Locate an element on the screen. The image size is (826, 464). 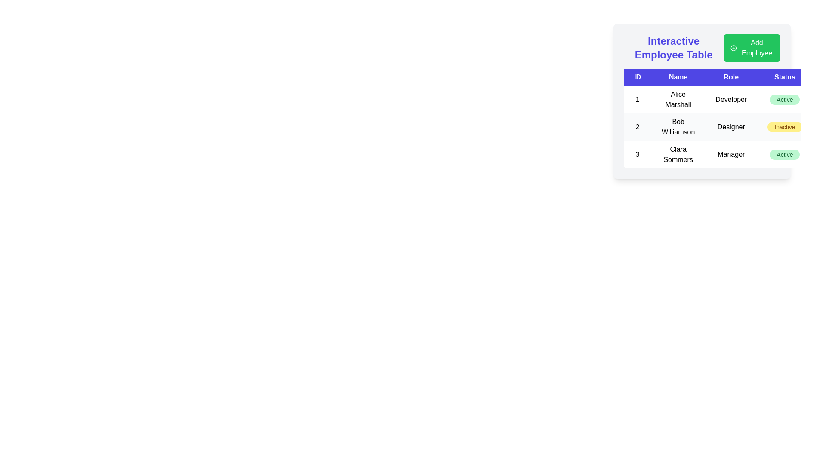
the Status indicator label indicating the activation status of employee Clara Sommers, located in the 'Status' column of the table is located at coordinates (785, 154).